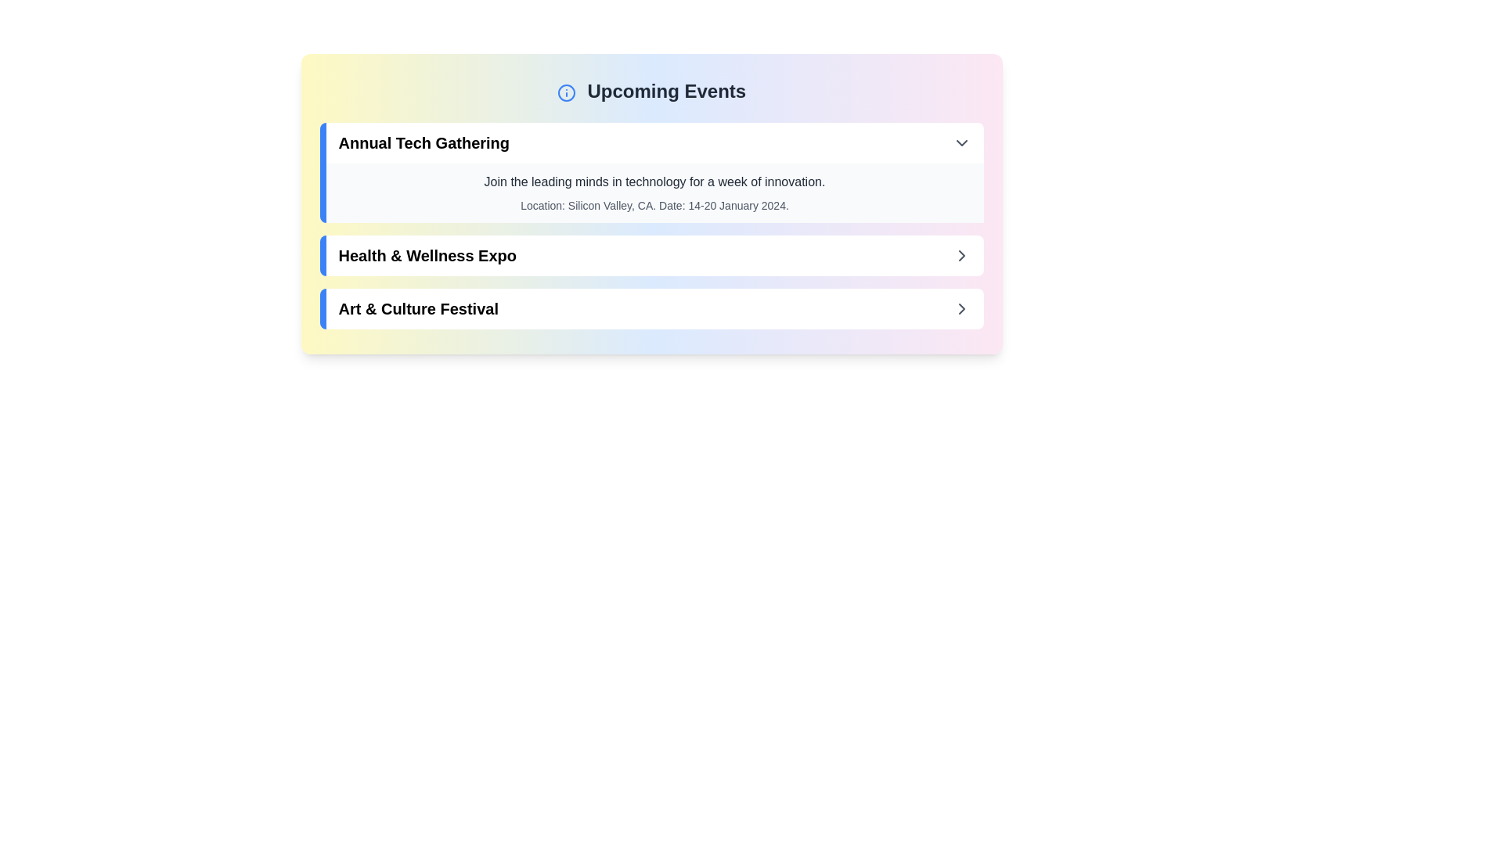 The height and width of the screenshot is (845, 1503). Describe the element at coordinates (961, 255) in the screenshot. I see `the right-facing chevron arrow icon in the second event card, positioned next to the 'Health & Wellness Expo' text` at that location.